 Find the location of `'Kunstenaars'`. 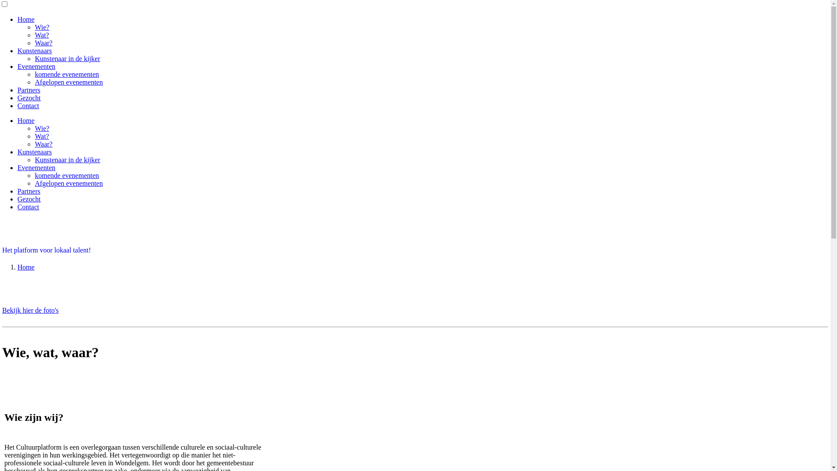

'Kunstenaars' is located at coordinates (17, 151).